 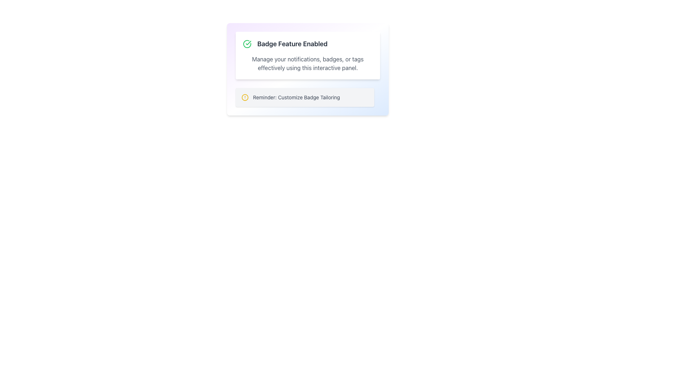 I want to click on the informational display showing the text 'Badge Feature Enabled' with a green check icon to its left, which is positioned above the description text and below the 'Toggle Panel' button, so click(x=308, y=44).